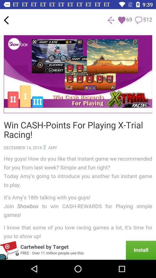  What do you see at coordinates (78, 250) in the screenshot?
I see `advertisement banner` at bounding box center [78, 250].